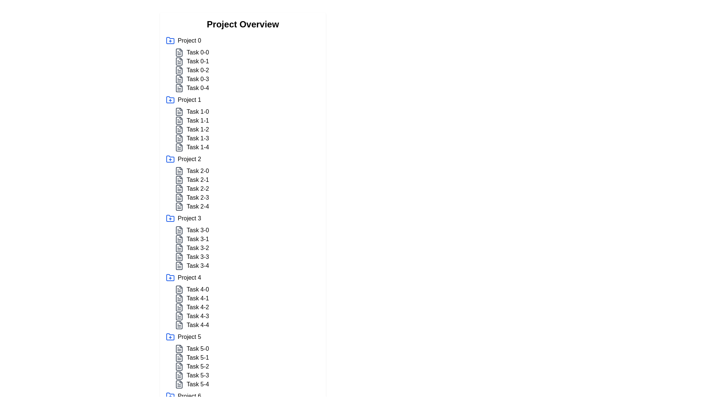 Image resolution: width=711 pixels, height=400 pixels. What do you see at coordinates (179, 248) in the screenshot?
I see `the icon representing the file or document related to 'Task 3-2', which is the first graphical item of the entry under 'Project 3'` at bounding box center [179, 248].